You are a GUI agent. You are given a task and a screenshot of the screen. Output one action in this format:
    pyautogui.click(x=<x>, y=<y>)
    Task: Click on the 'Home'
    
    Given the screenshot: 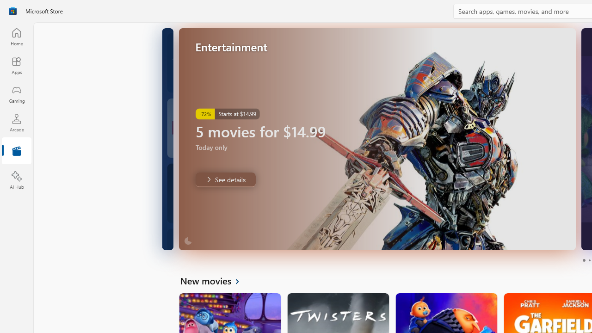 What is the action you would take?
    pyautogui.click(x=16, y=36)
    